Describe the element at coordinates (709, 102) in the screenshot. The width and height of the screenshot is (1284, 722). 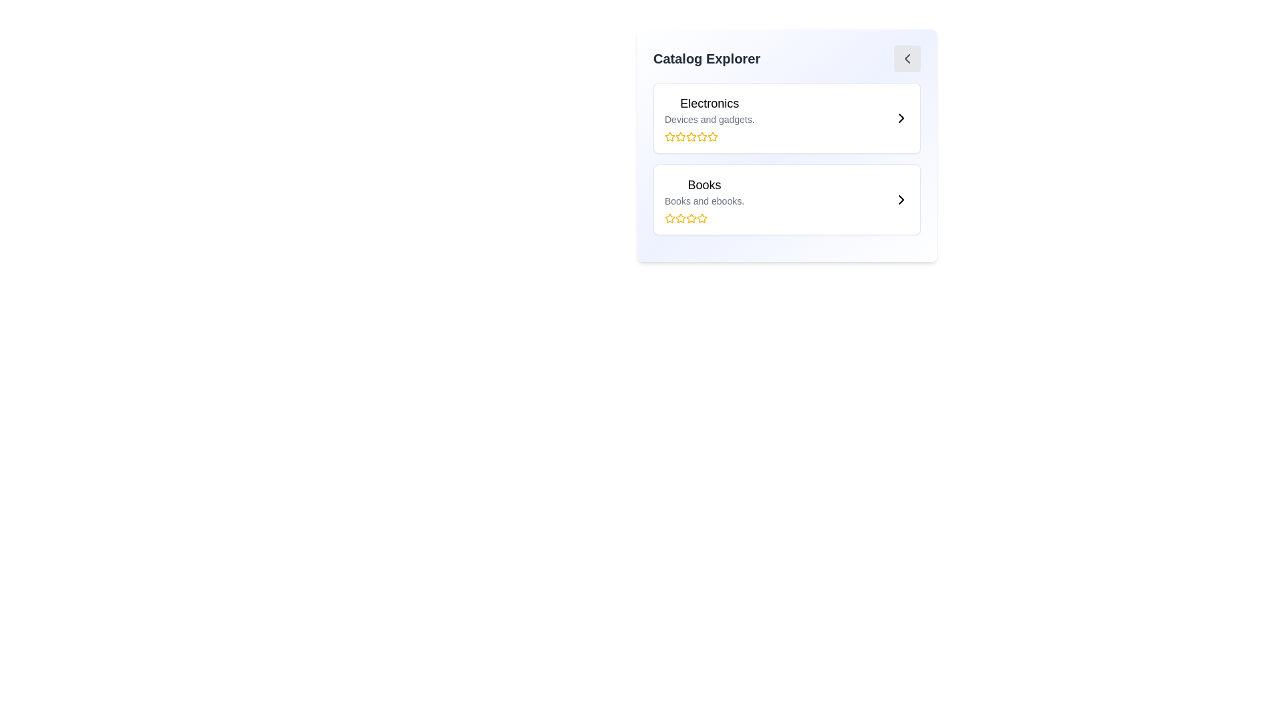
I see `the bold text label displaying 'Electronics' in the left panel, which is positioned at the top of the 'Electronics' section` at that location.